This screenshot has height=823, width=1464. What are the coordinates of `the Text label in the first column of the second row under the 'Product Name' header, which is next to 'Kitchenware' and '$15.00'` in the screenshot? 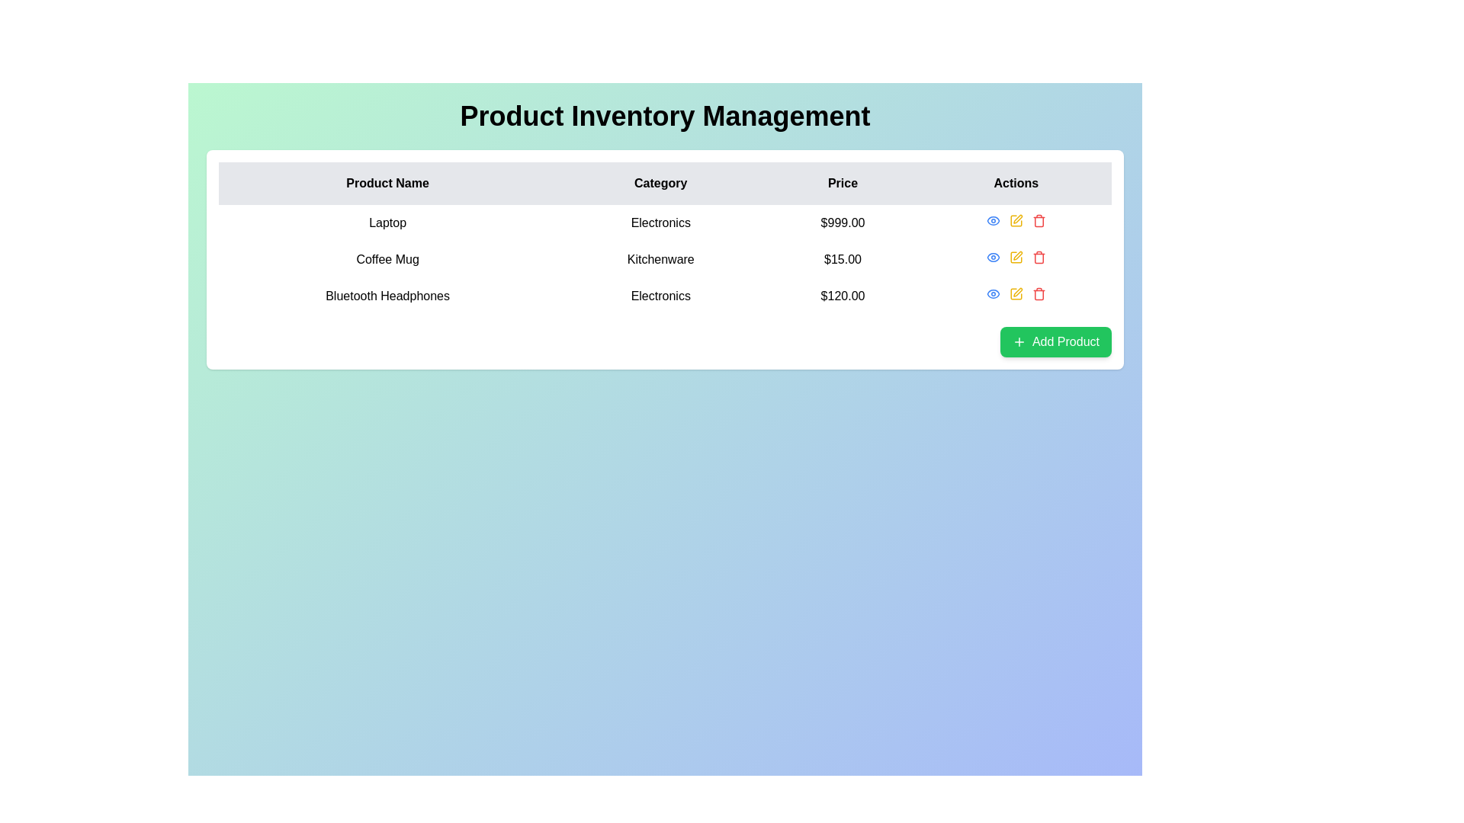 It's located at (387, 258).